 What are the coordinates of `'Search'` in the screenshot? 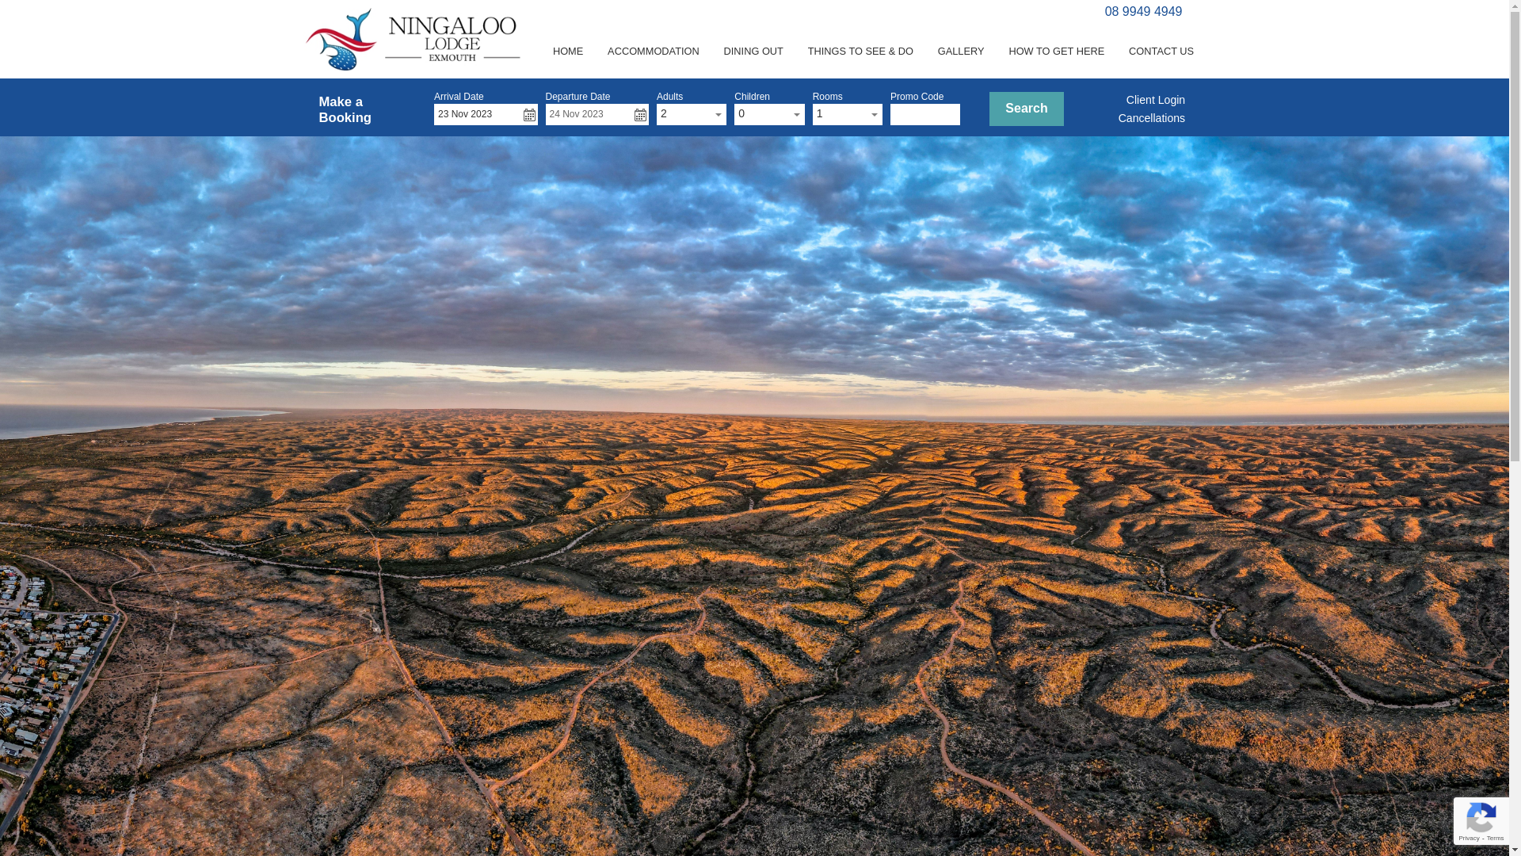 It's located at (1026, 108).